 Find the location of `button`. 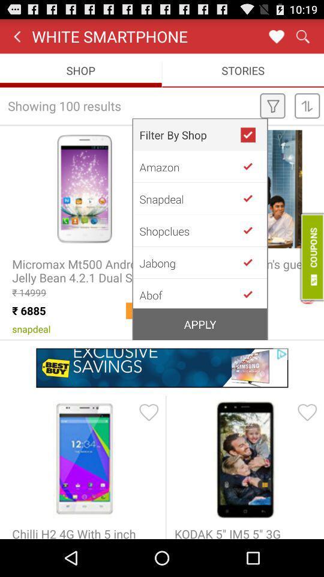

button is located at coordinates (252, 230).